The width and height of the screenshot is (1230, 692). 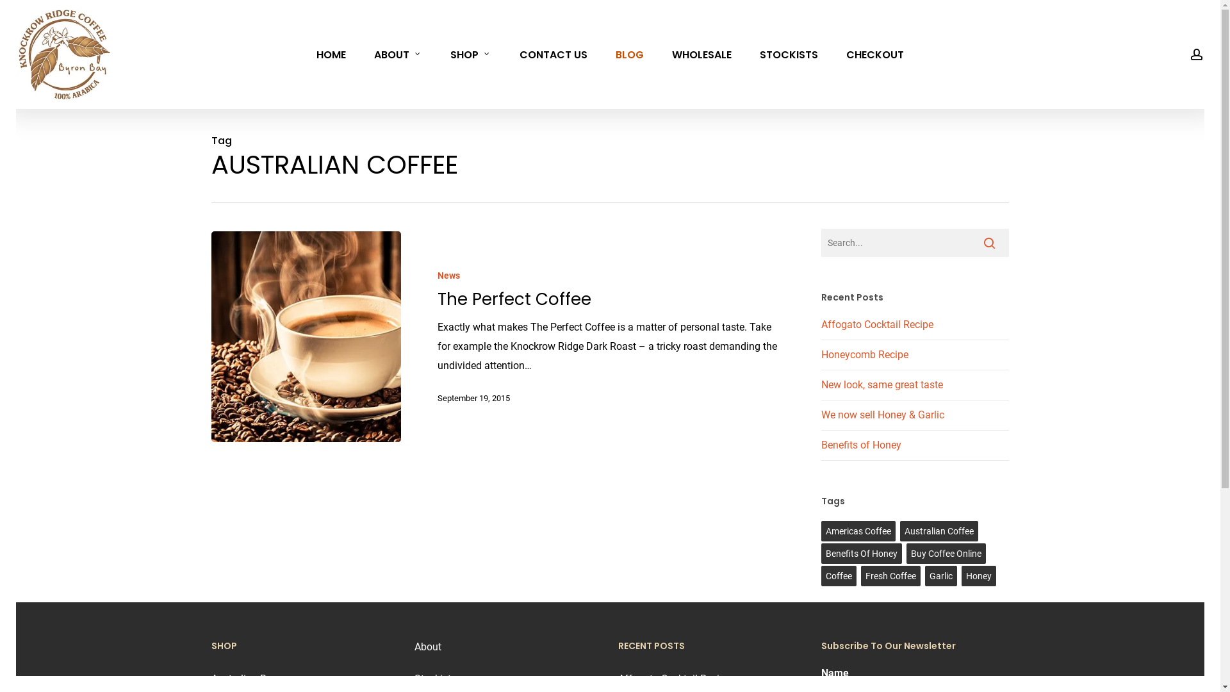 I want to click on 'The Perfect Coffee', so click(x=514, y=299).